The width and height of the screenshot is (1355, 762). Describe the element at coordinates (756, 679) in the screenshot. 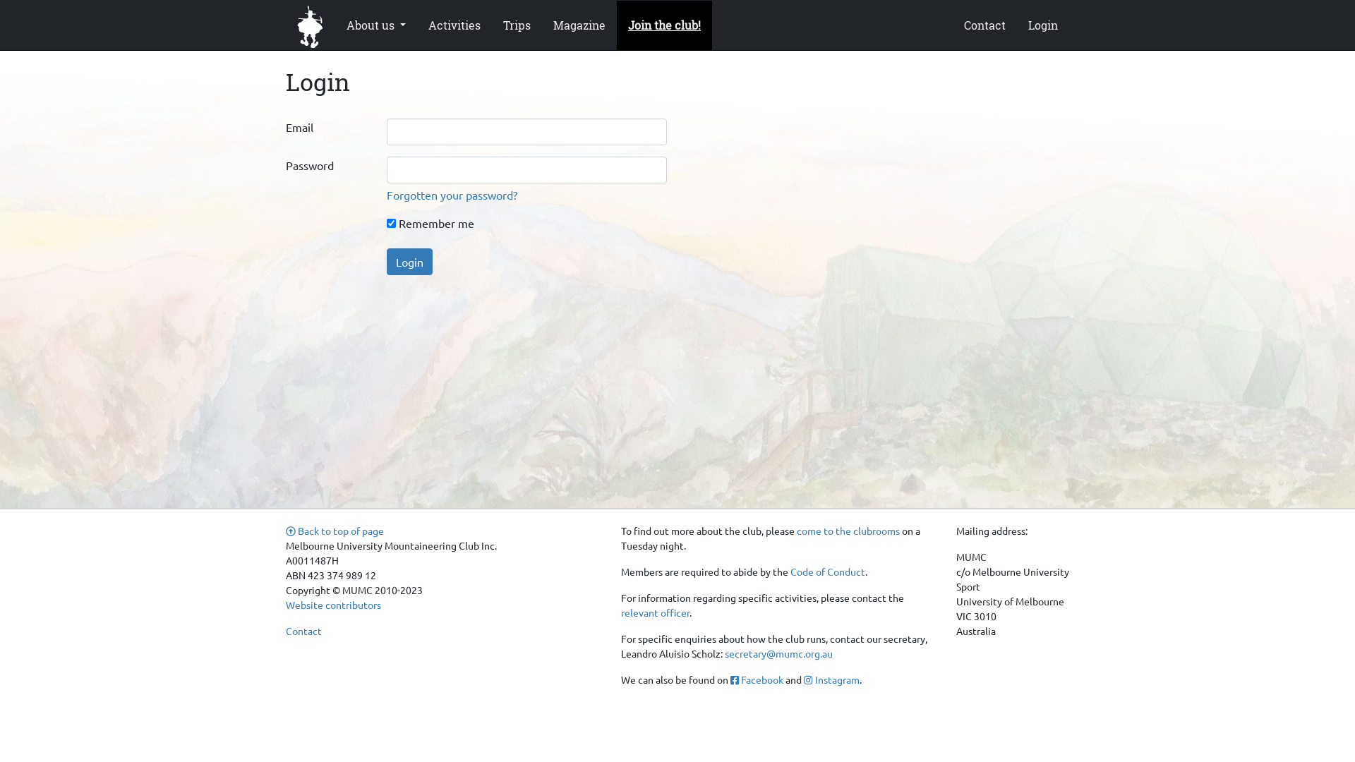

I see `'Facebook'` at that location.